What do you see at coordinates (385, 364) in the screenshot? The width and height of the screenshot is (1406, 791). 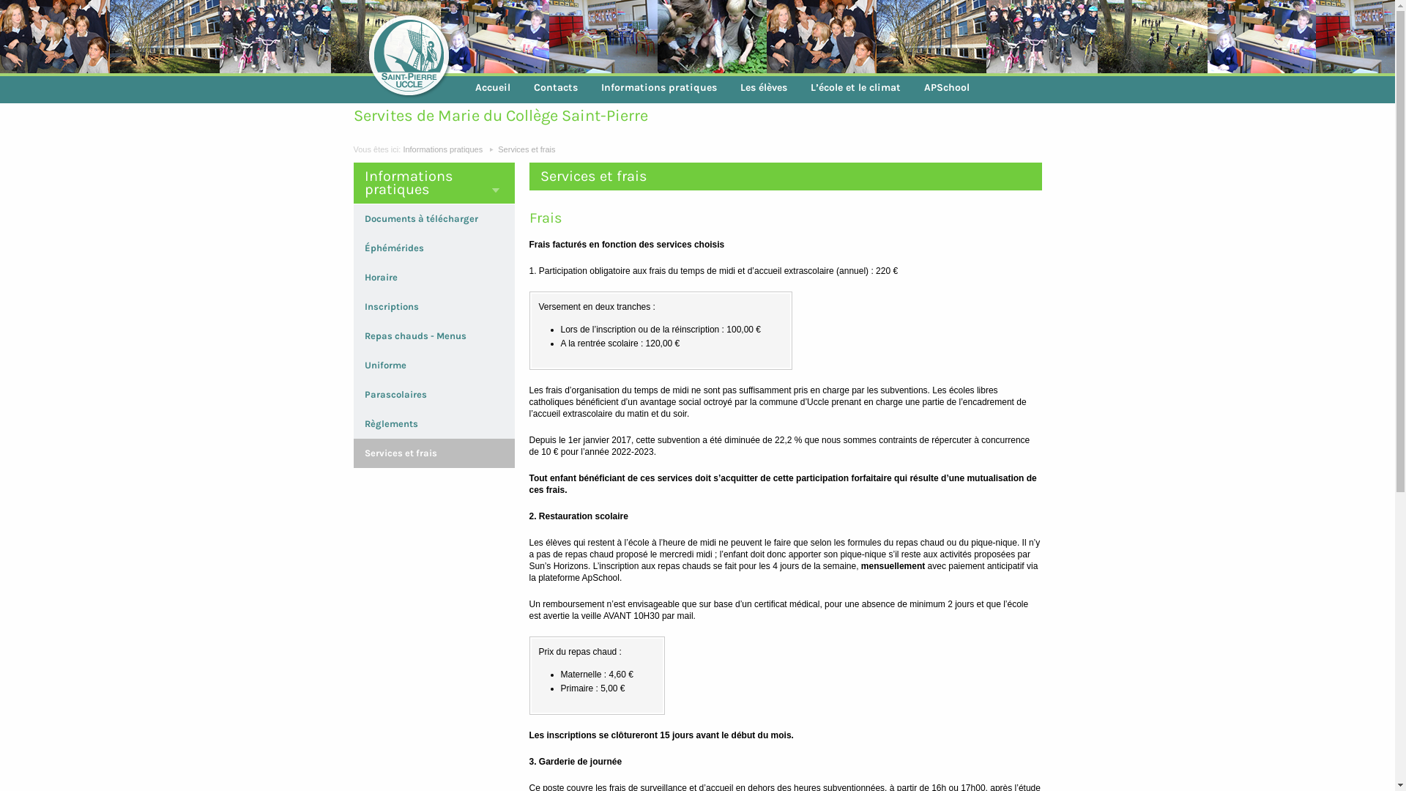 I see `'Uniforme'` at bounding box center [385, 364].